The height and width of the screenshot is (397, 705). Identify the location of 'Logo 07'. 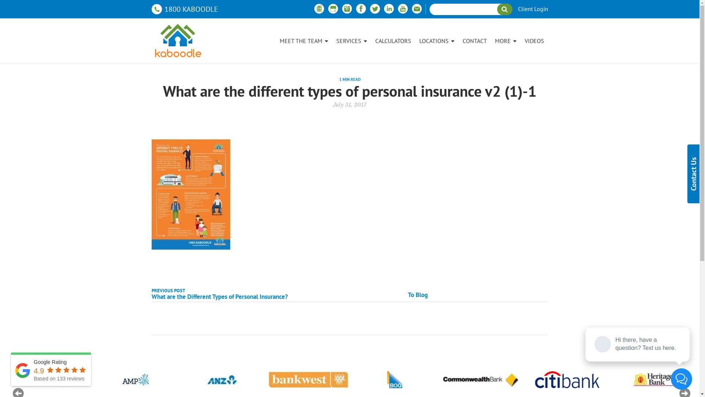
(477, 380).